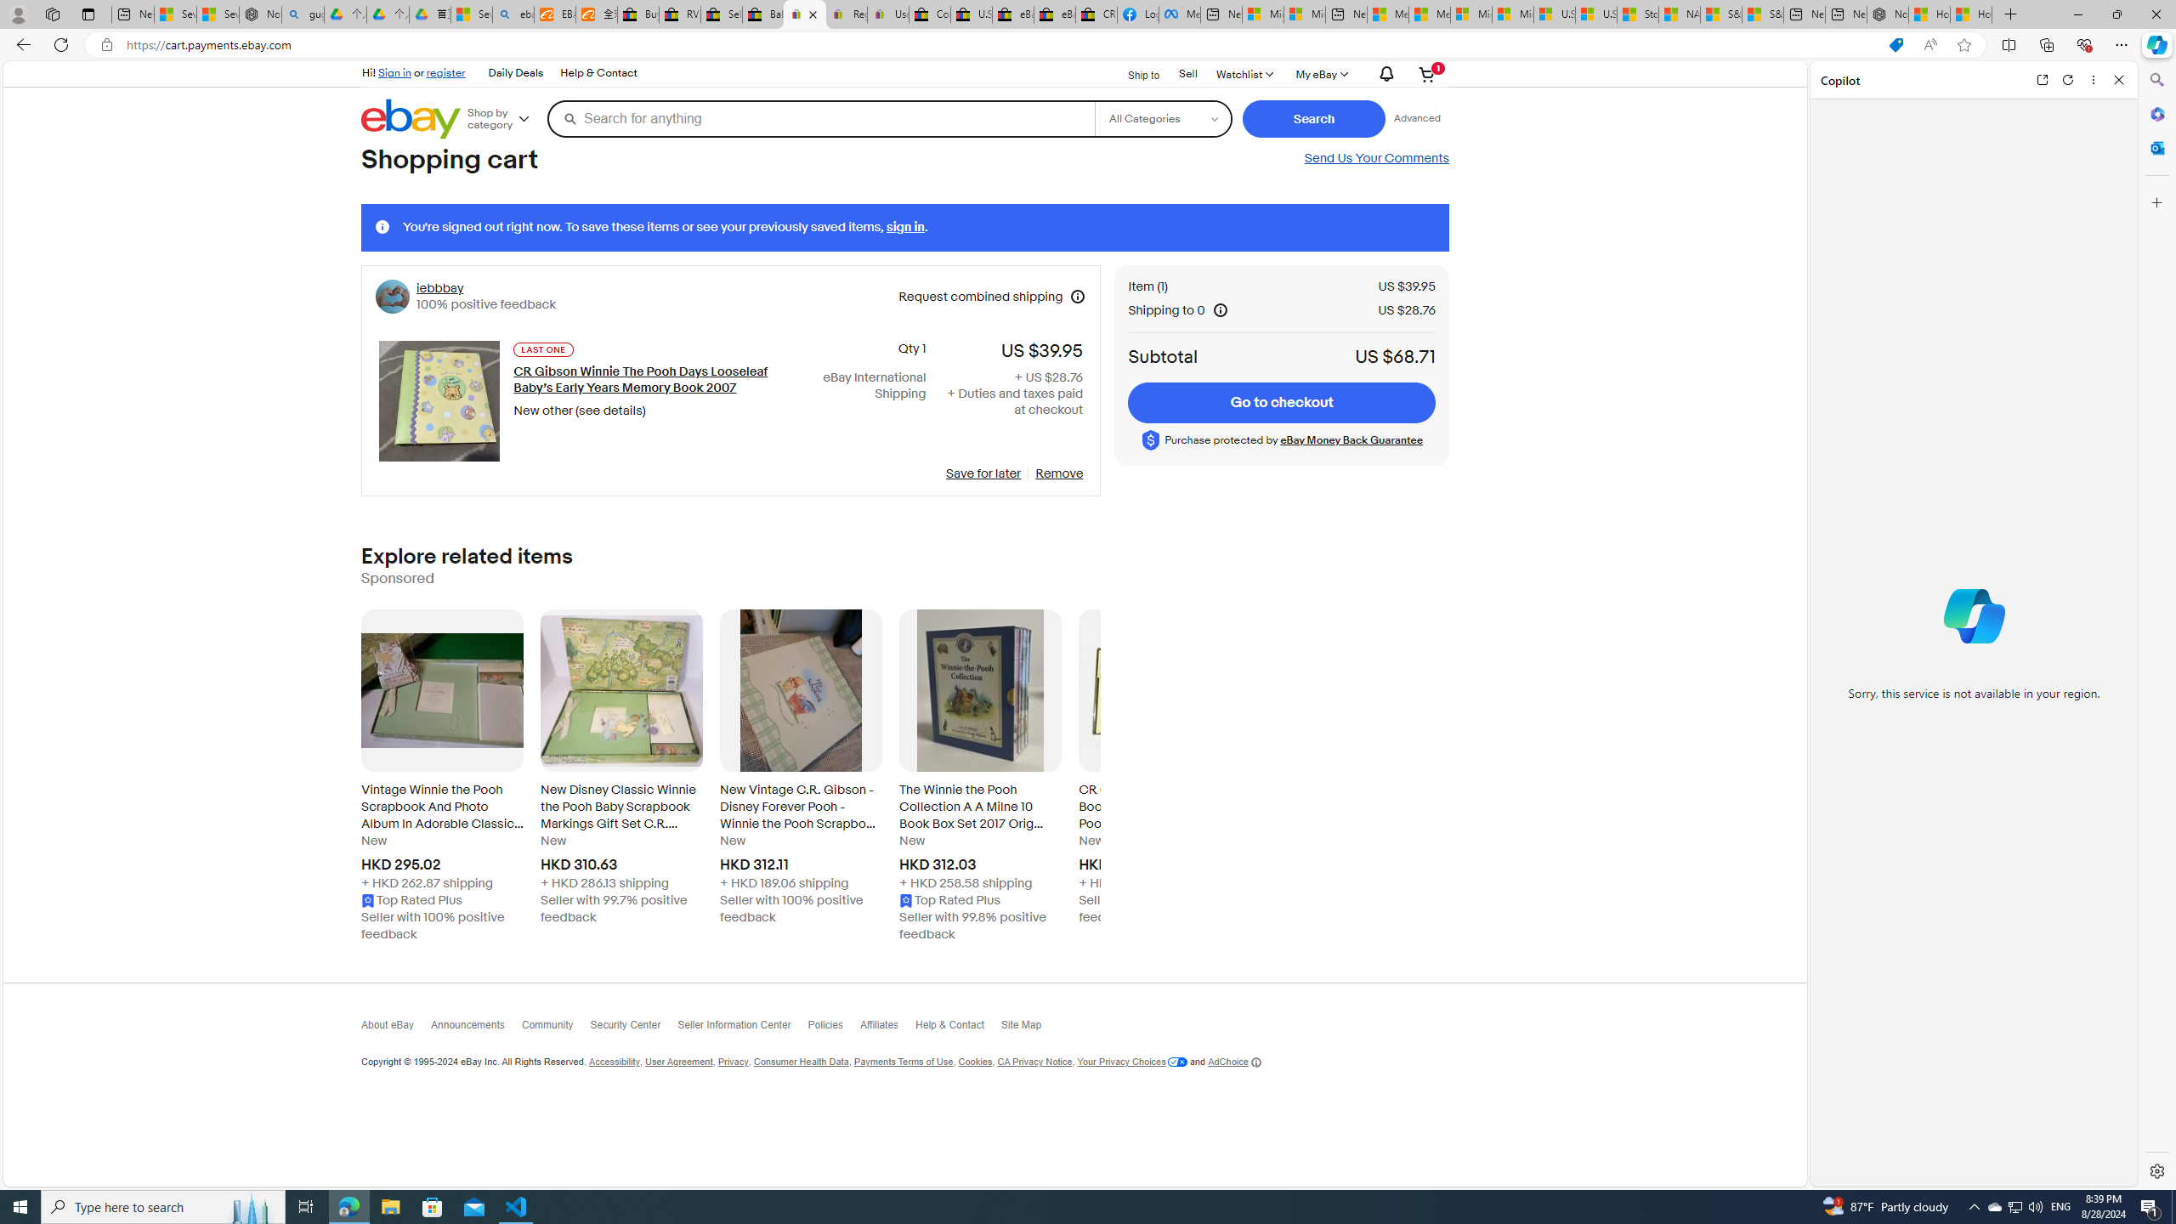 The height and width of the screenshot is (1224, 2176). Describe the element at coordinates (1244, 74) in the screenshot. I see `'WatchlistExpand Watch List'` at that location.